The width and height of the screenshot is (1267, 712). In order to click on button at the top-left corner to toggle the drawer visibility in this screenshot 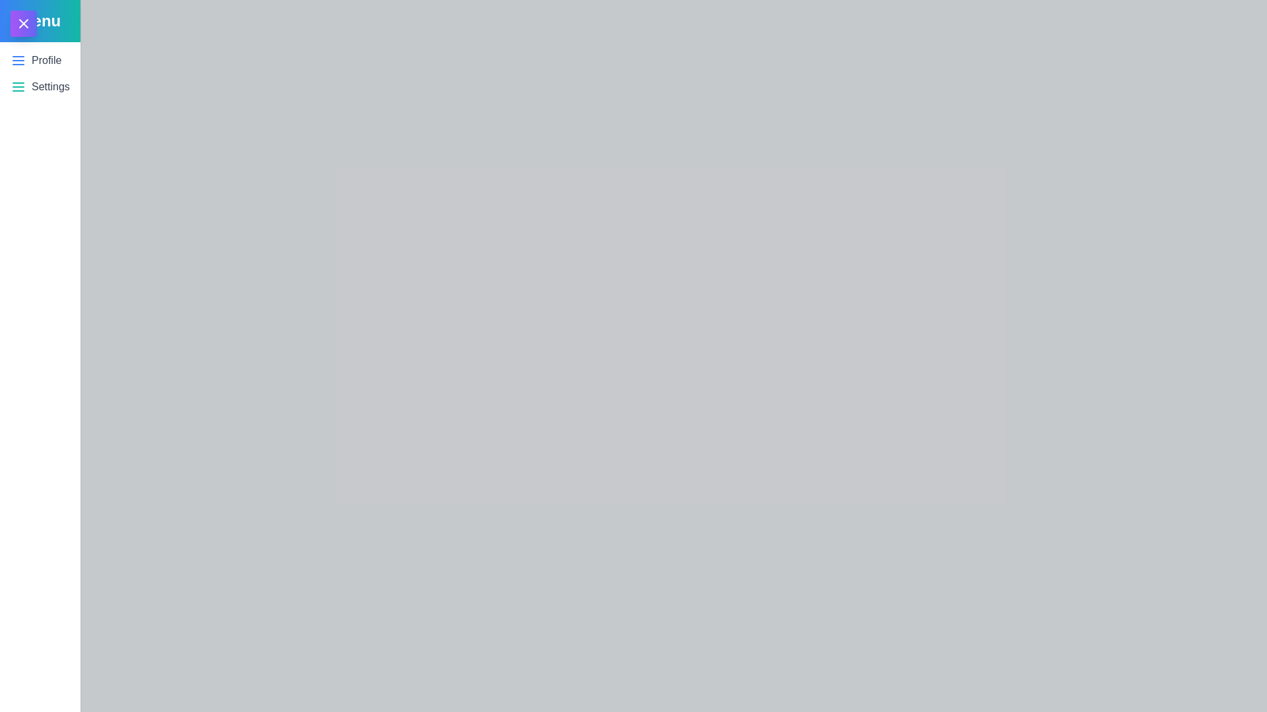, I will do `click(23, 23)`.